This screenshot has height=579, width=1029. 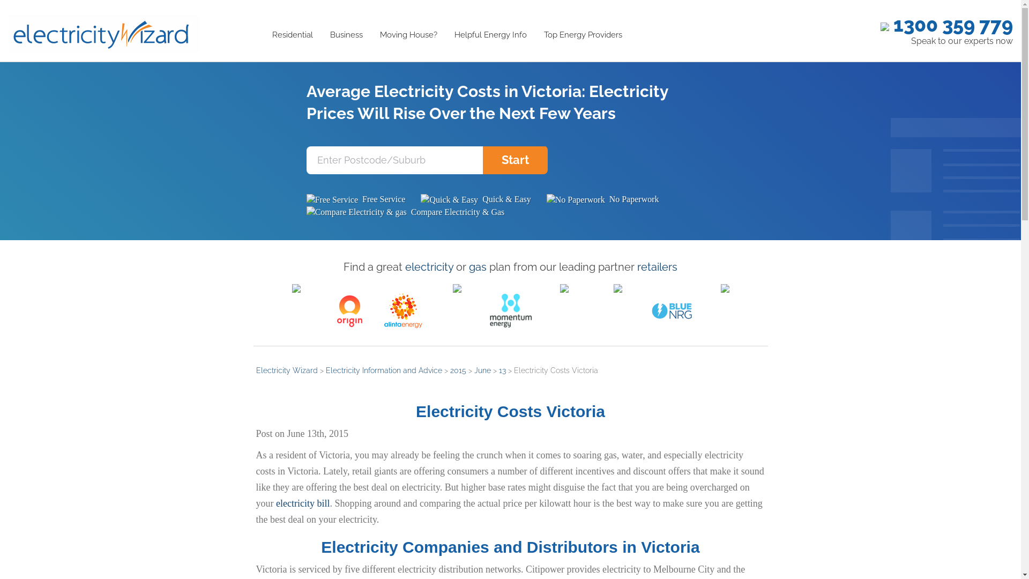 I want to click on '2015', so click(x=458, y=369).